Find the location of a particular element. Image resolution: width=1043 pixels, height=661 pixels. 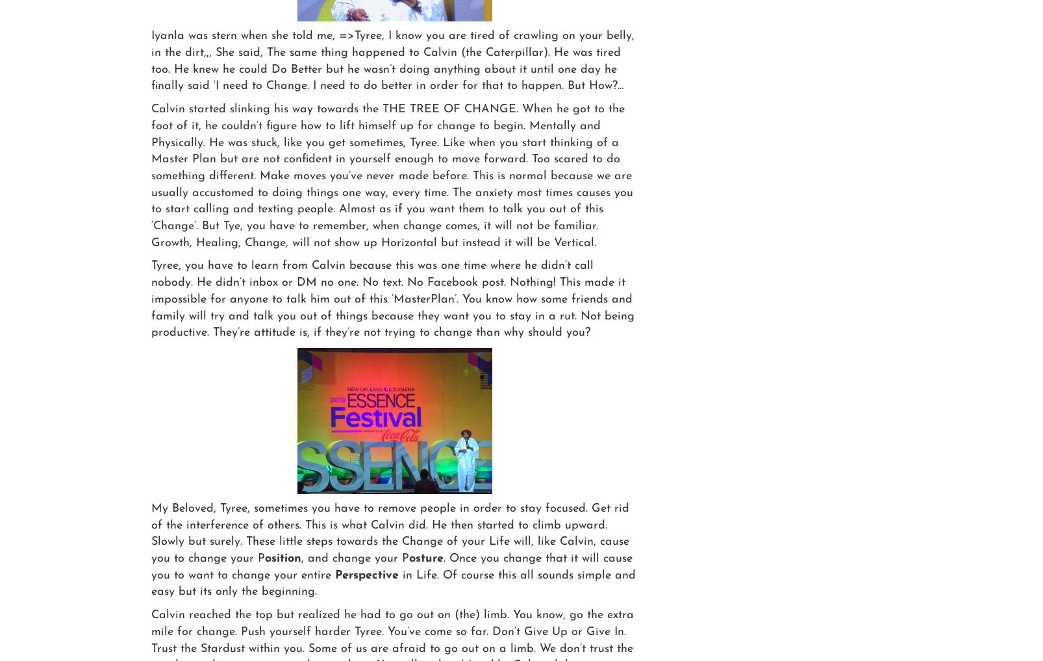

'Perspective' is located at coordinates (366, 575).